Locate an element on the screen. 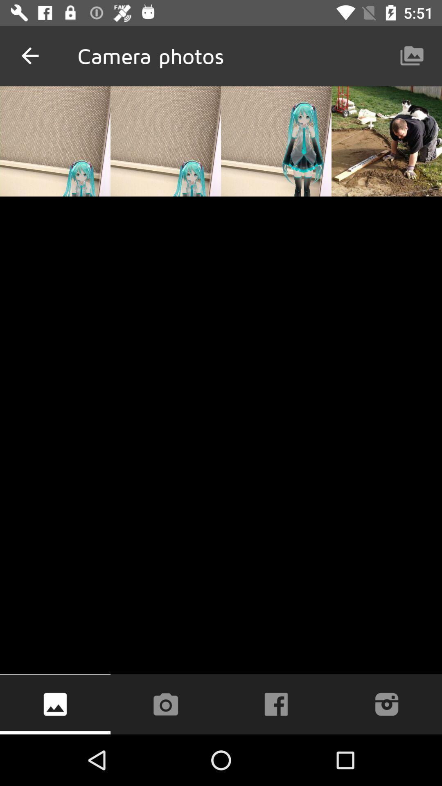 Image resolution: width=442 pixels, height=786 pixels. the icon at the bottom left corner is located at coordinates (55, 704).